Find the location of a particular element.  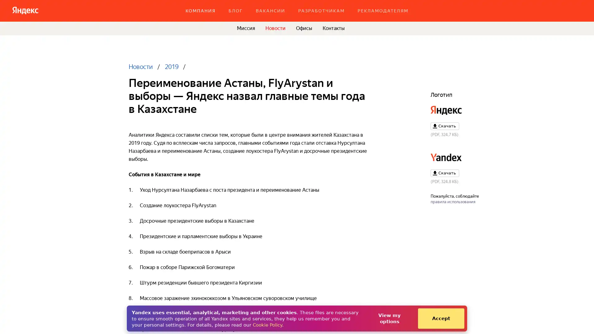

Accept is located at coordinates (441, 318).